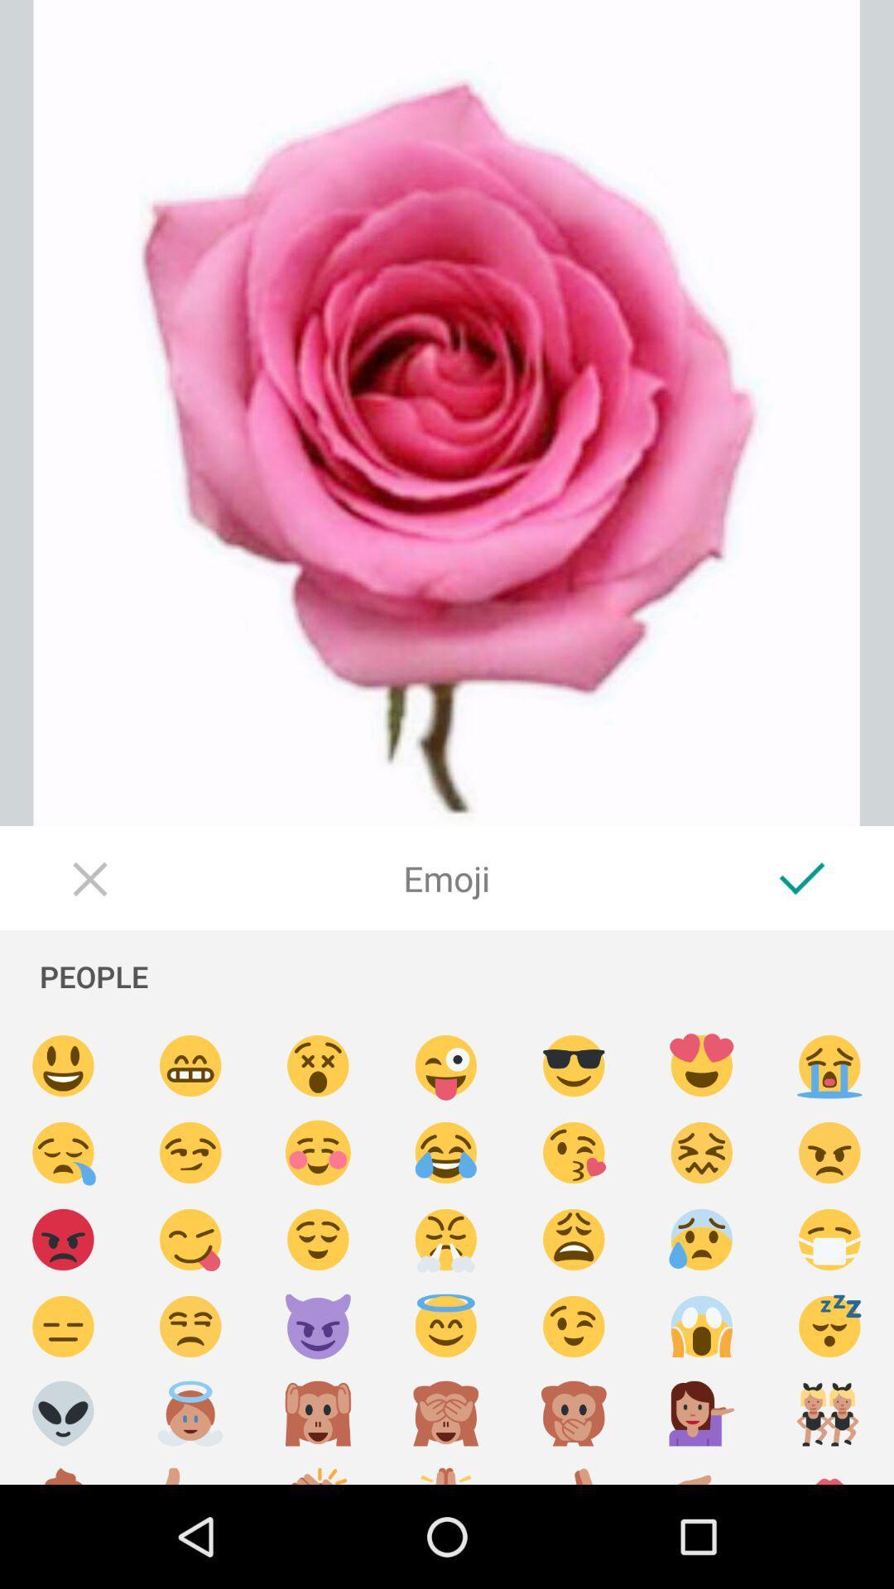 This screenshot has height=1589, width=894. I want to click on emoji button, so click(445, 1066).